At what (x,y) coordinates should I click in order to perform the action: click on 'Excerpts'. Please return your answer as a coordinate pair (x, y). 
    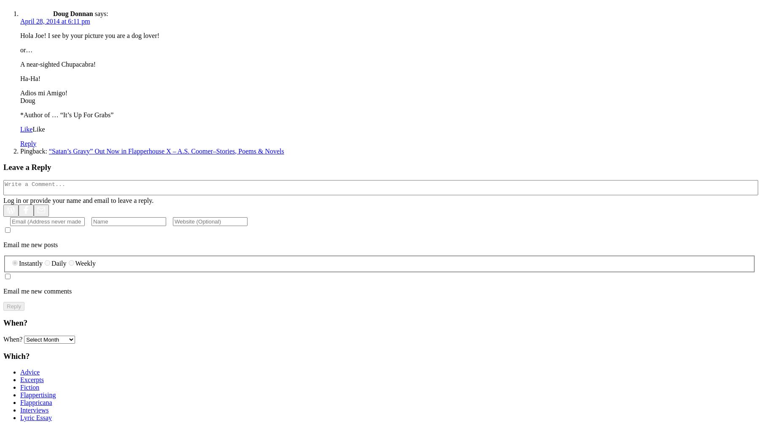
    Looking at the image, I should click on (31, 380).